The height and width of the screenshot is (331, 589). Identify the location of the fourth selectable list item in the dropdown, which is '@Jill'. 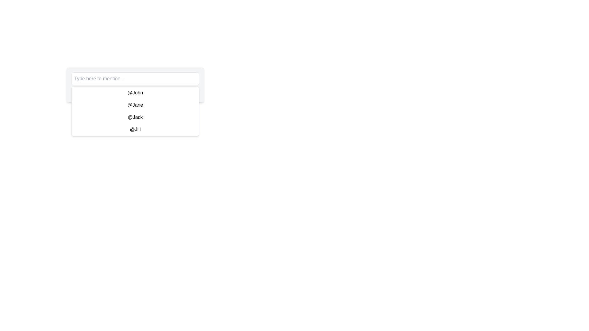
(135, 129).